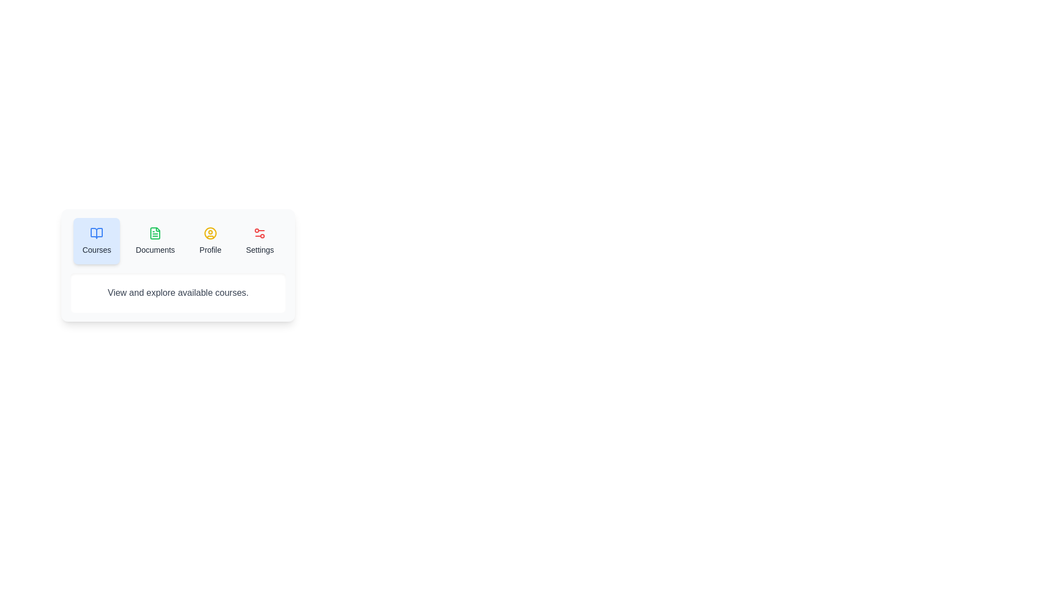  What do you see at coordinates (259, 240) in the screenshot?
I see `the tab labeled Settings to display its content` at bounding box center [259, 240].